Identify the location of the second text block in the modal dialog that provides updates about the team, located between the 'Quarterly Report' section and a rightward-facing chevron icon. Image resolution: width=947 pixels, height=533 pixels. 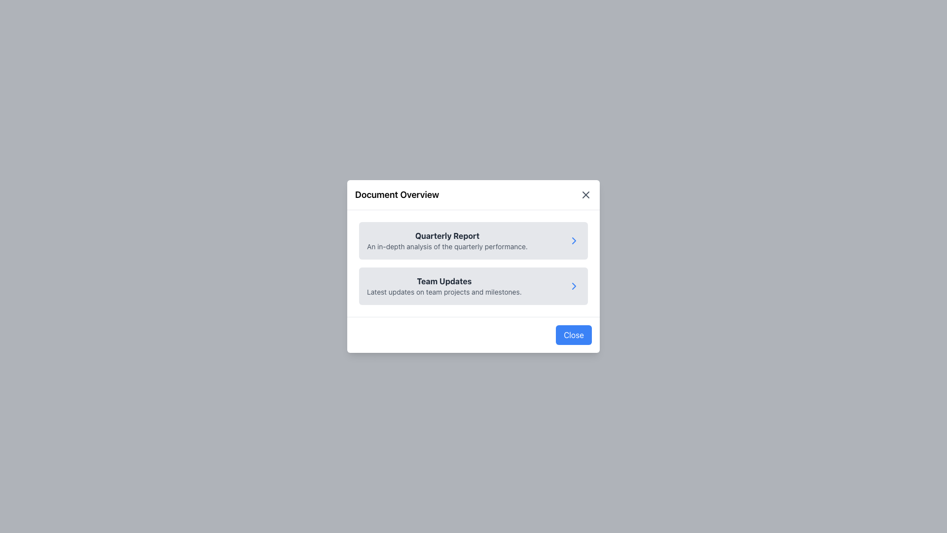
(443, 286).